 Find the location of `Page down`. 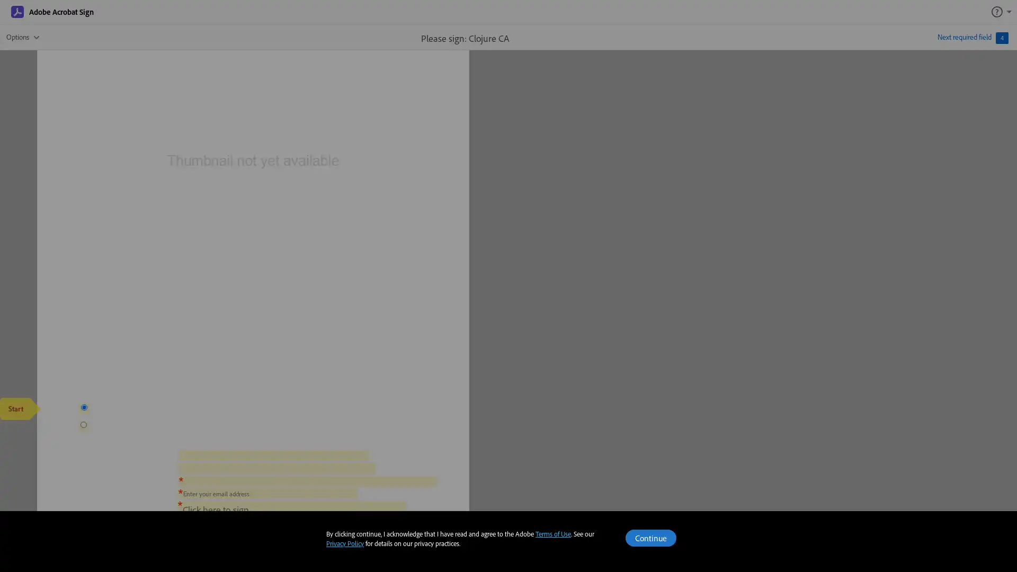

Page down is located at coordinates (458, 535).